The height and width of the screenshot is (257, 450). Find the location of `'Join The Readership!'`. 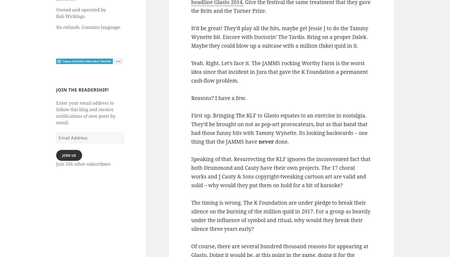

'Join The Readership!' is located at coordinates (82, 90).